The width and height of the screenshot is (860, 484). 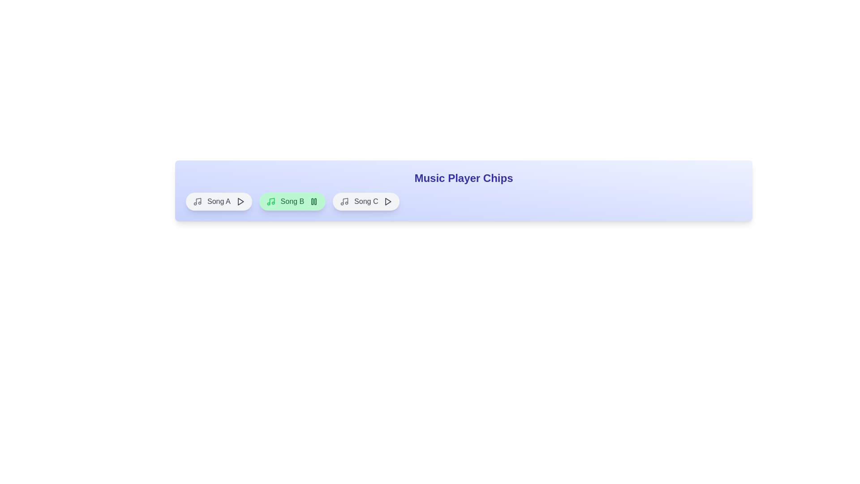 I want to click on the song chip corresponding to Song C to toggle its play/pause state, so click(x=365, y=202).